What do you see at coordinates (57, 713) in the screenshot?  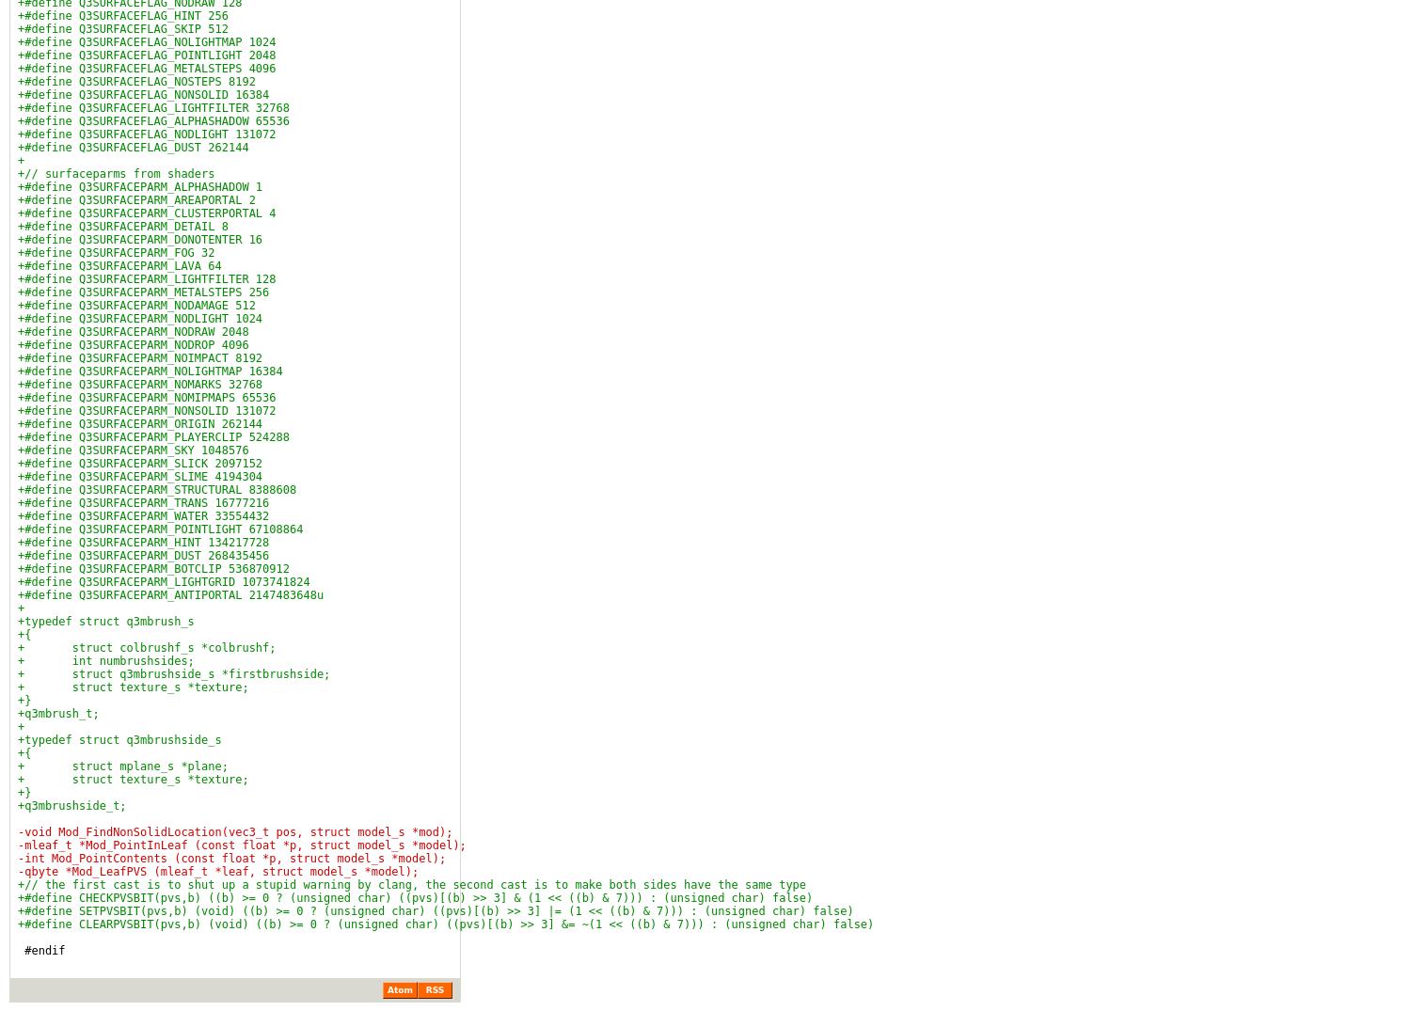 I see `'+q3mbrush_t;'` at bounding box center [57, 713].